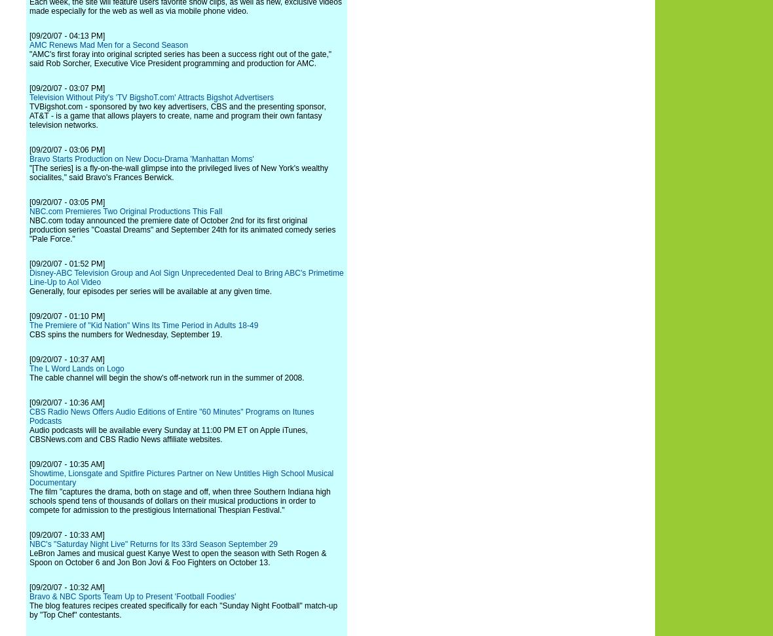 Image resolution: width=773 pixels, height=636 pixels. What do you see at coordinates (66, 149) in the screenshot?
I see `'[09/20/07 - 03:06 PM]'` at bounding box center [66, 149].